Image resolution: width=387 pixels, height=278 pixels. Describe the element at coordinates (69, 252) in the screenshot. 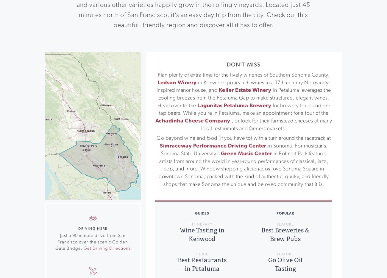

I see `'Southern Sonoma County'` at that location.